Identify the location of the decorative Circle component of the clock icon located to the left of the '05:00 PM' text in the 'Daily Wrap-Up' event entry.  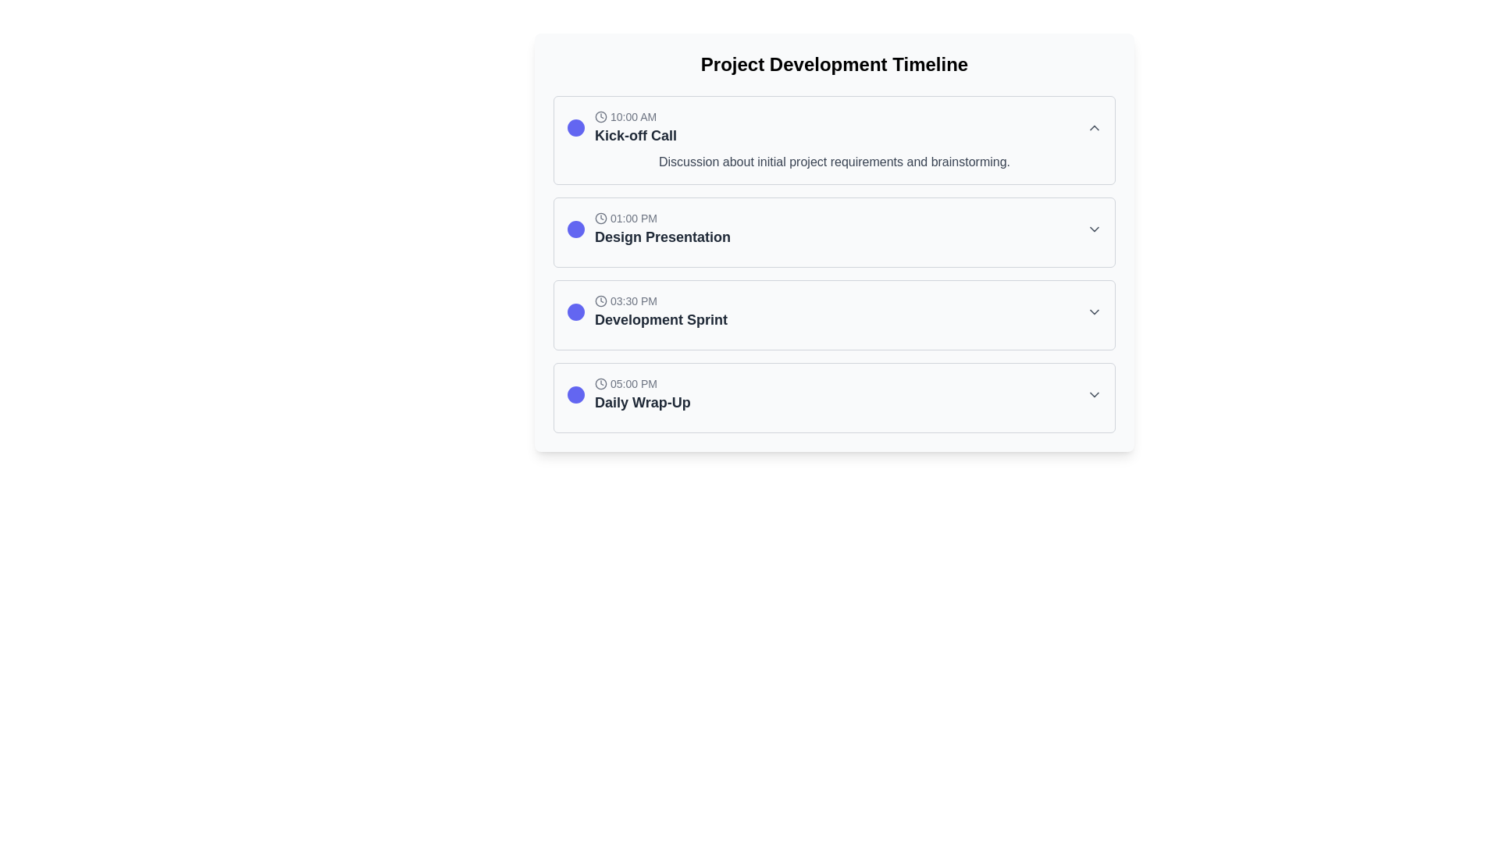
(600, 384).